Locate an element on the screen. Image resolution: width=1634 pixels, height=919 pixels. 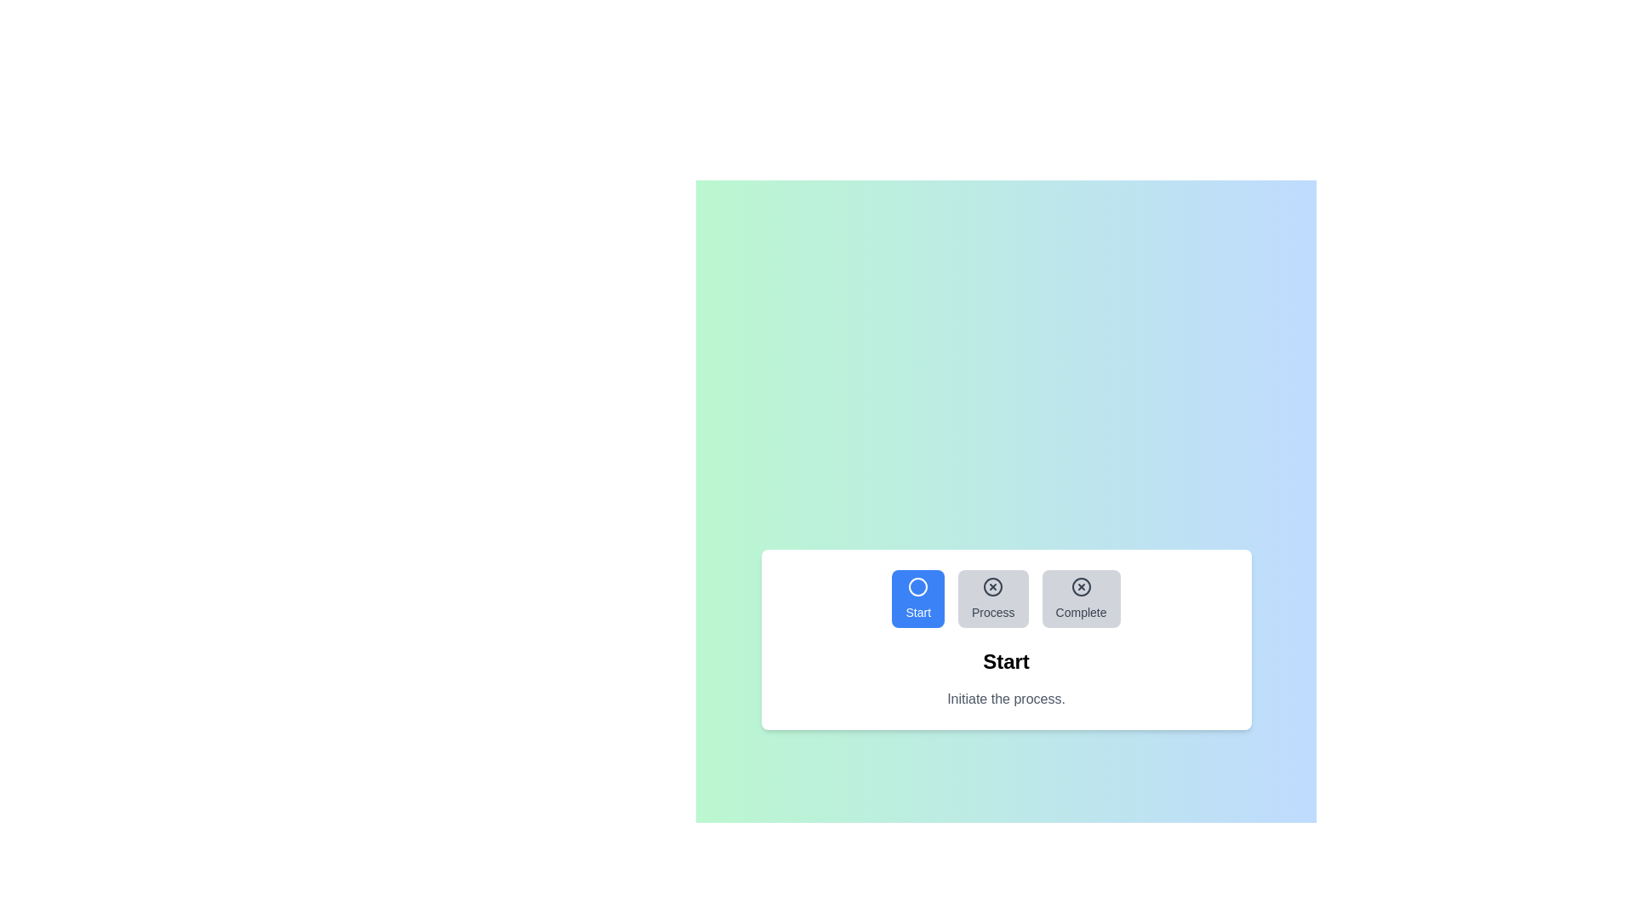
the text label displaying 'Complete', which is part of the third button in a horizontal row of action buttons is located at coordinates (1080, 613).